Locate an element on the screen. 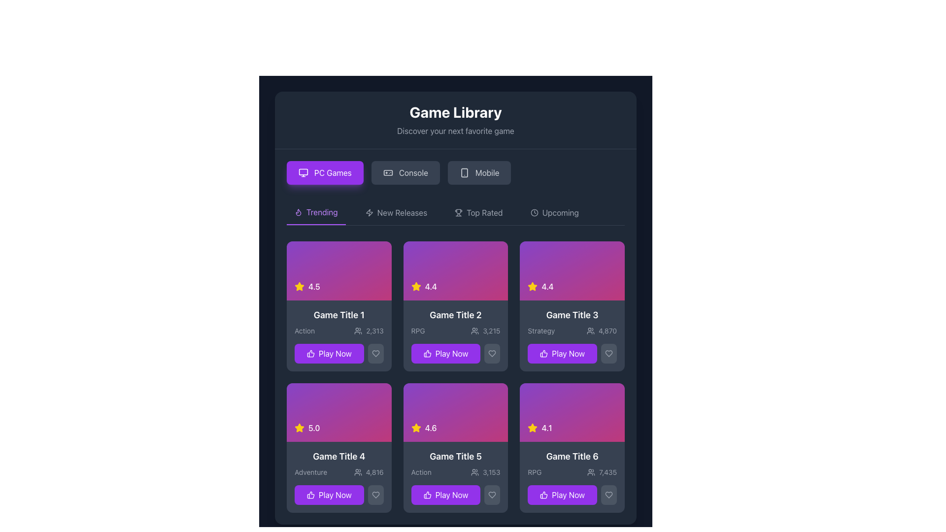  the heart icon in the bottom right corner of the card for 'Game Title 2' is located at coordinates (492, 353).